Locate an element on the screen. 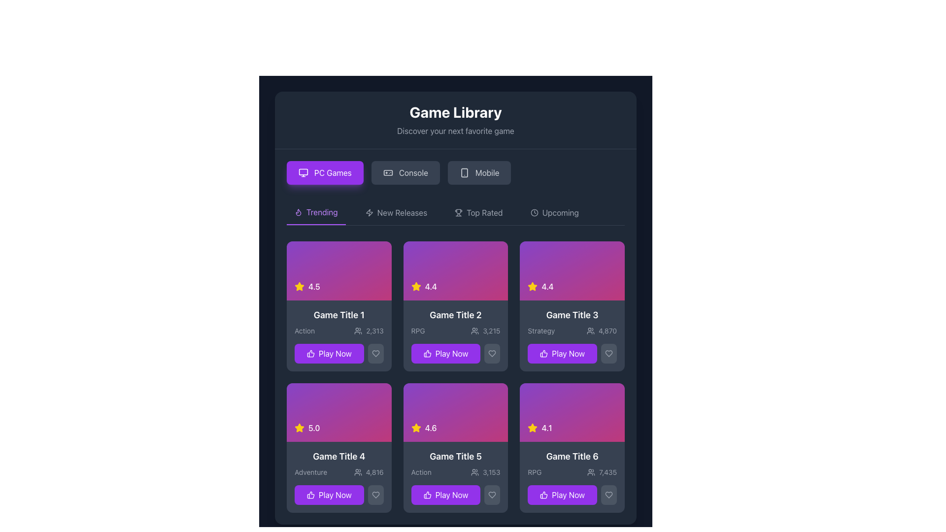  the heart icon in the bottom right corner of the card for 'Game Title 2' is located at coordinates (492, 353).